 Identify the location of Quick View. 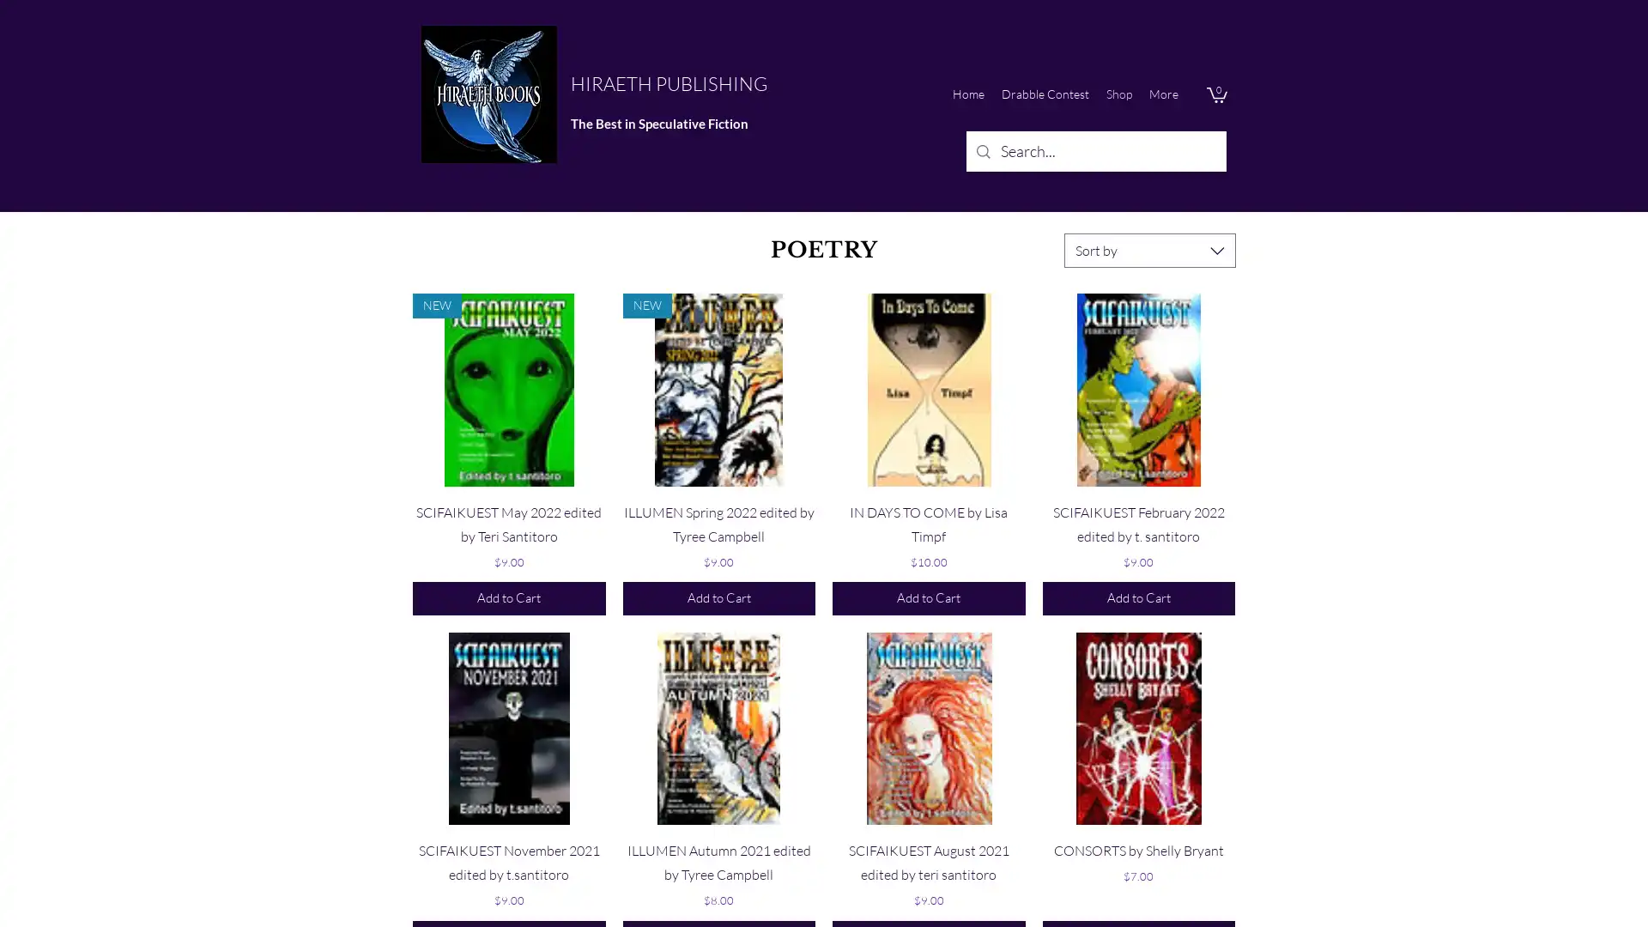
(718, 506).